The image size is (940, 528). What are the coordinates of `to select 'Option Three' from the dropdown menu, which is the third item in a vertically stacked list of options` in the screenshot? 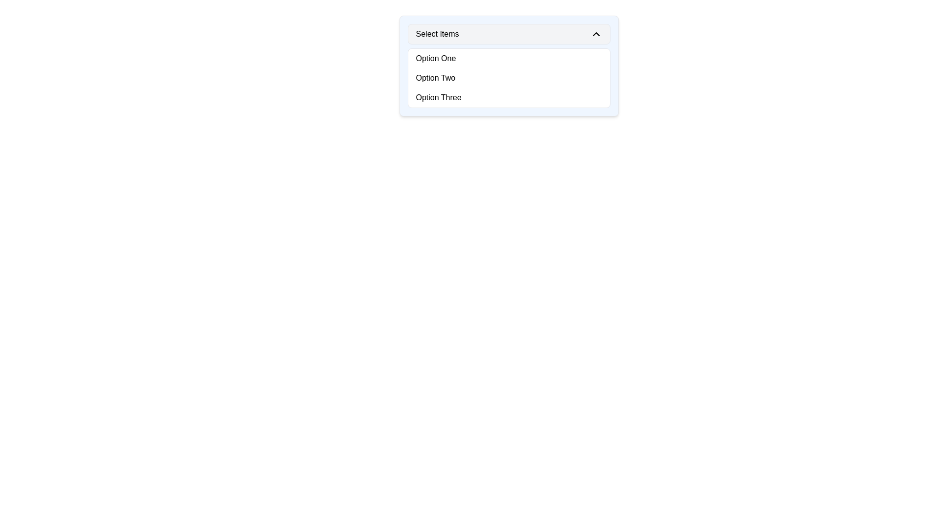 It's located at (509, 98).